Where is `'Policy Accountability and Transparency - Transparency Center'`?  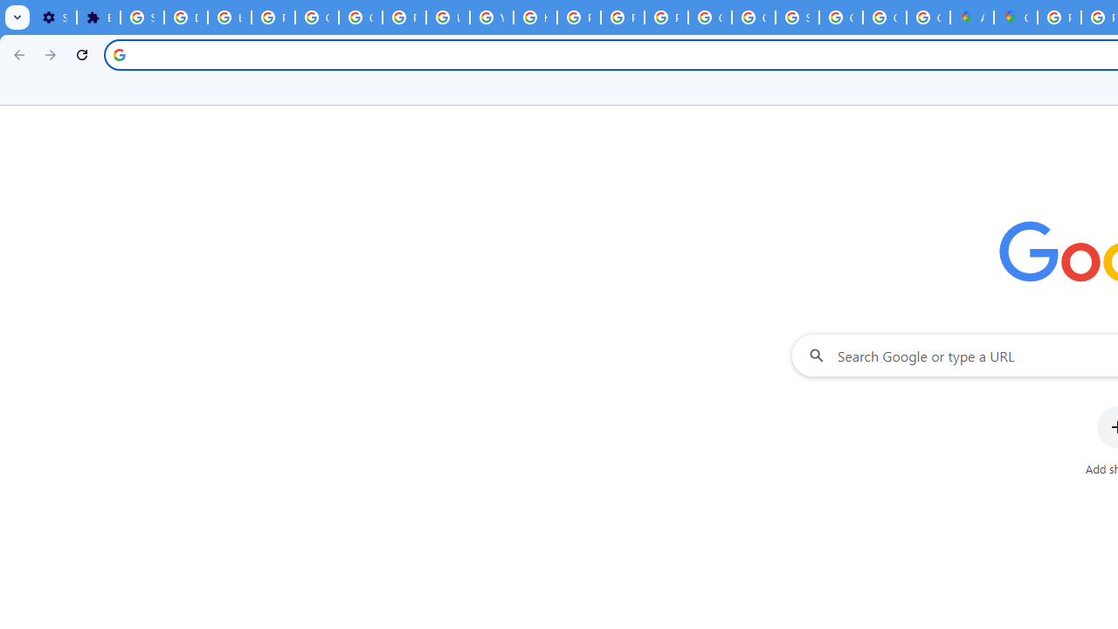 'Policy Accountability and Transparency - Transparency Center' is located at coordinates (1058, 17).